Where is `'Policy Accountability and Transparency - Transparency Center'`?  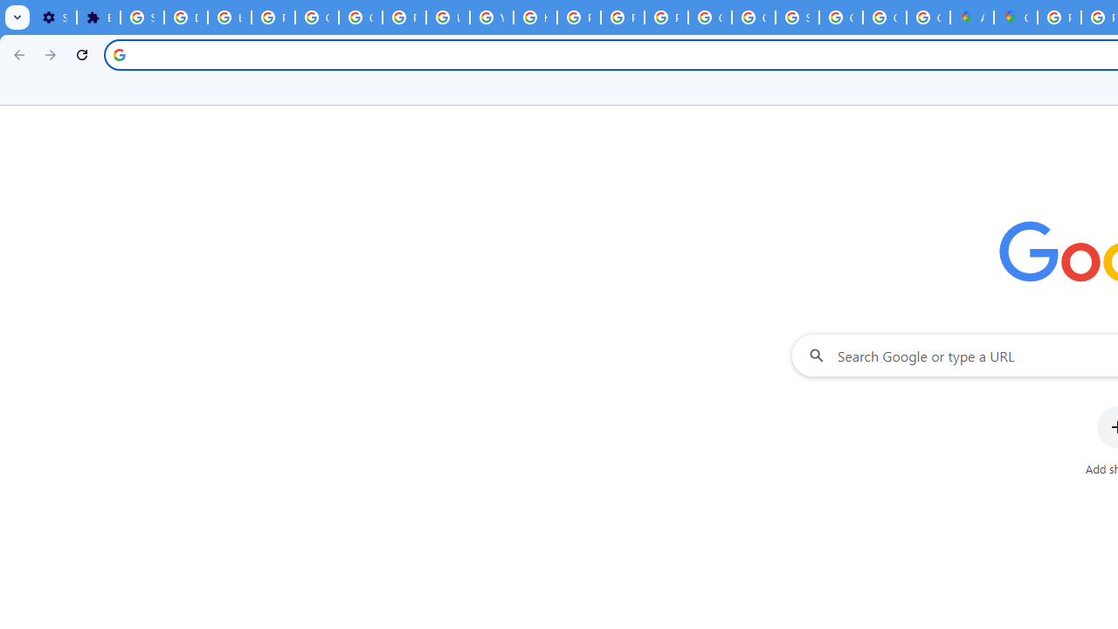 'Policy Accountability and Transparency - Transparency Center' is located at coordinates (1058, 17).